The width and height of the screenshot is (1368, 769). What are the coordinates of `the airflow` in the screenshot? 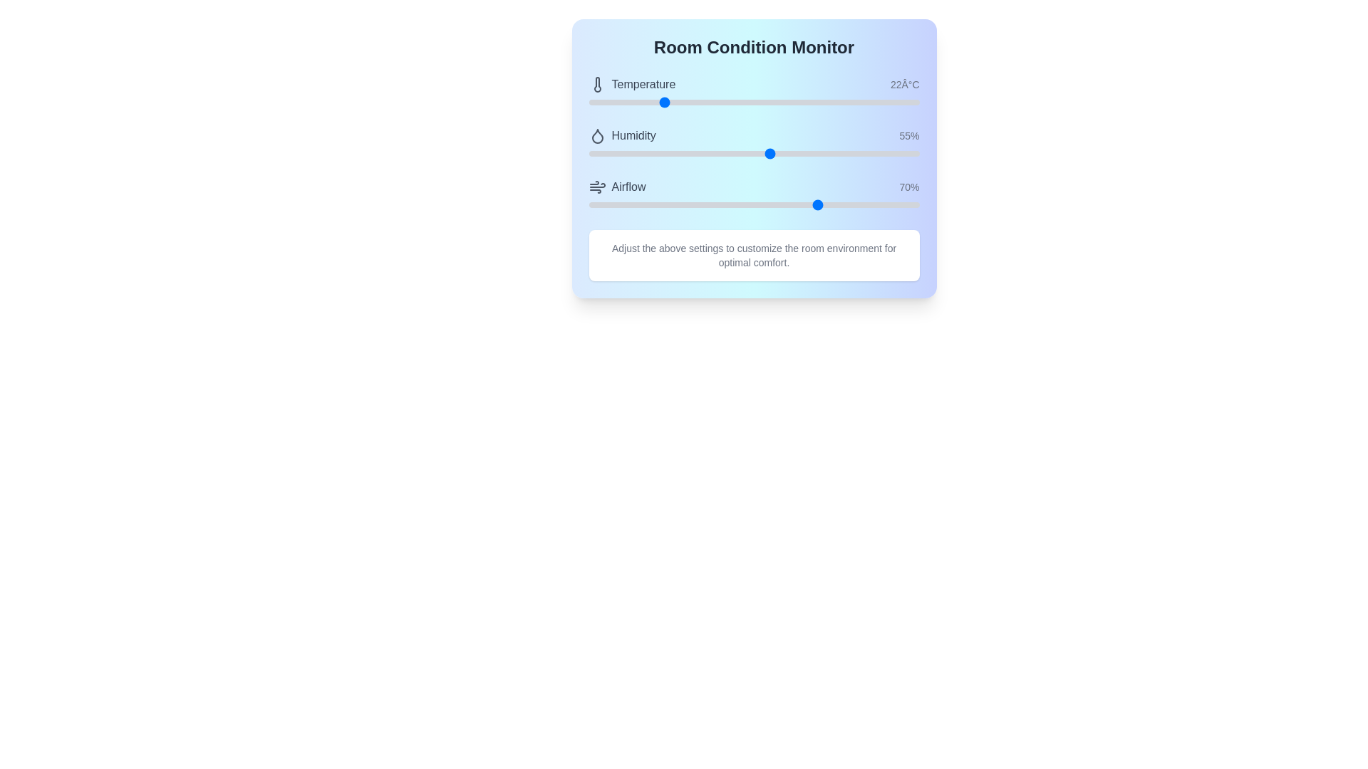 It's located at (767, 205).